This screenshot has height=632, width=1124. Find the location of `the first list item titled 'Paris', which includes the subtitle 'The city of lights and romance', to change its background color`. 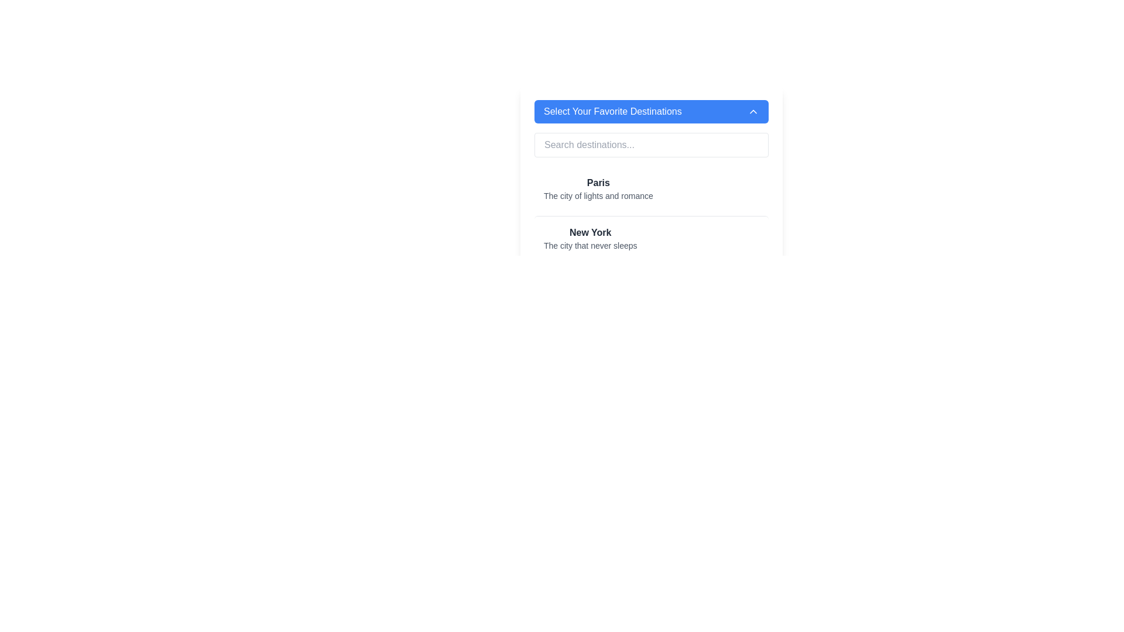

the first list item titled 'Paris', which includes the subtitle 'The city of lights and romance', to change its background color is located at coordinates (651, 188).